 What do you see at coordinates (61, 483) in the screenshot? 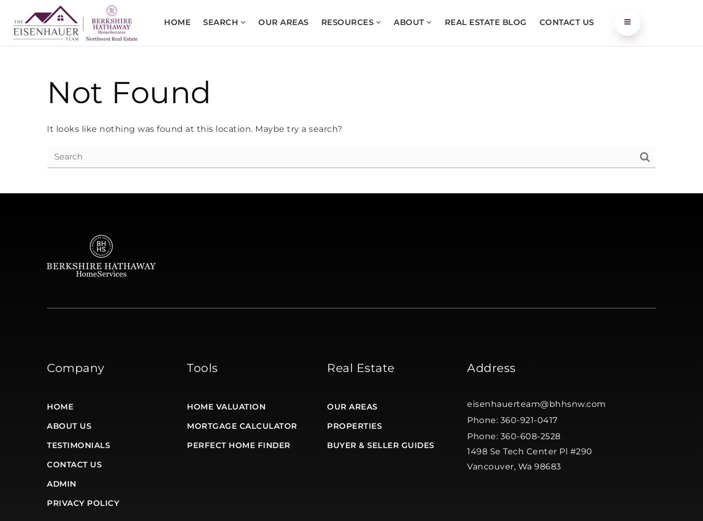
I see `'Admin'` at bounding box center [61, 483].